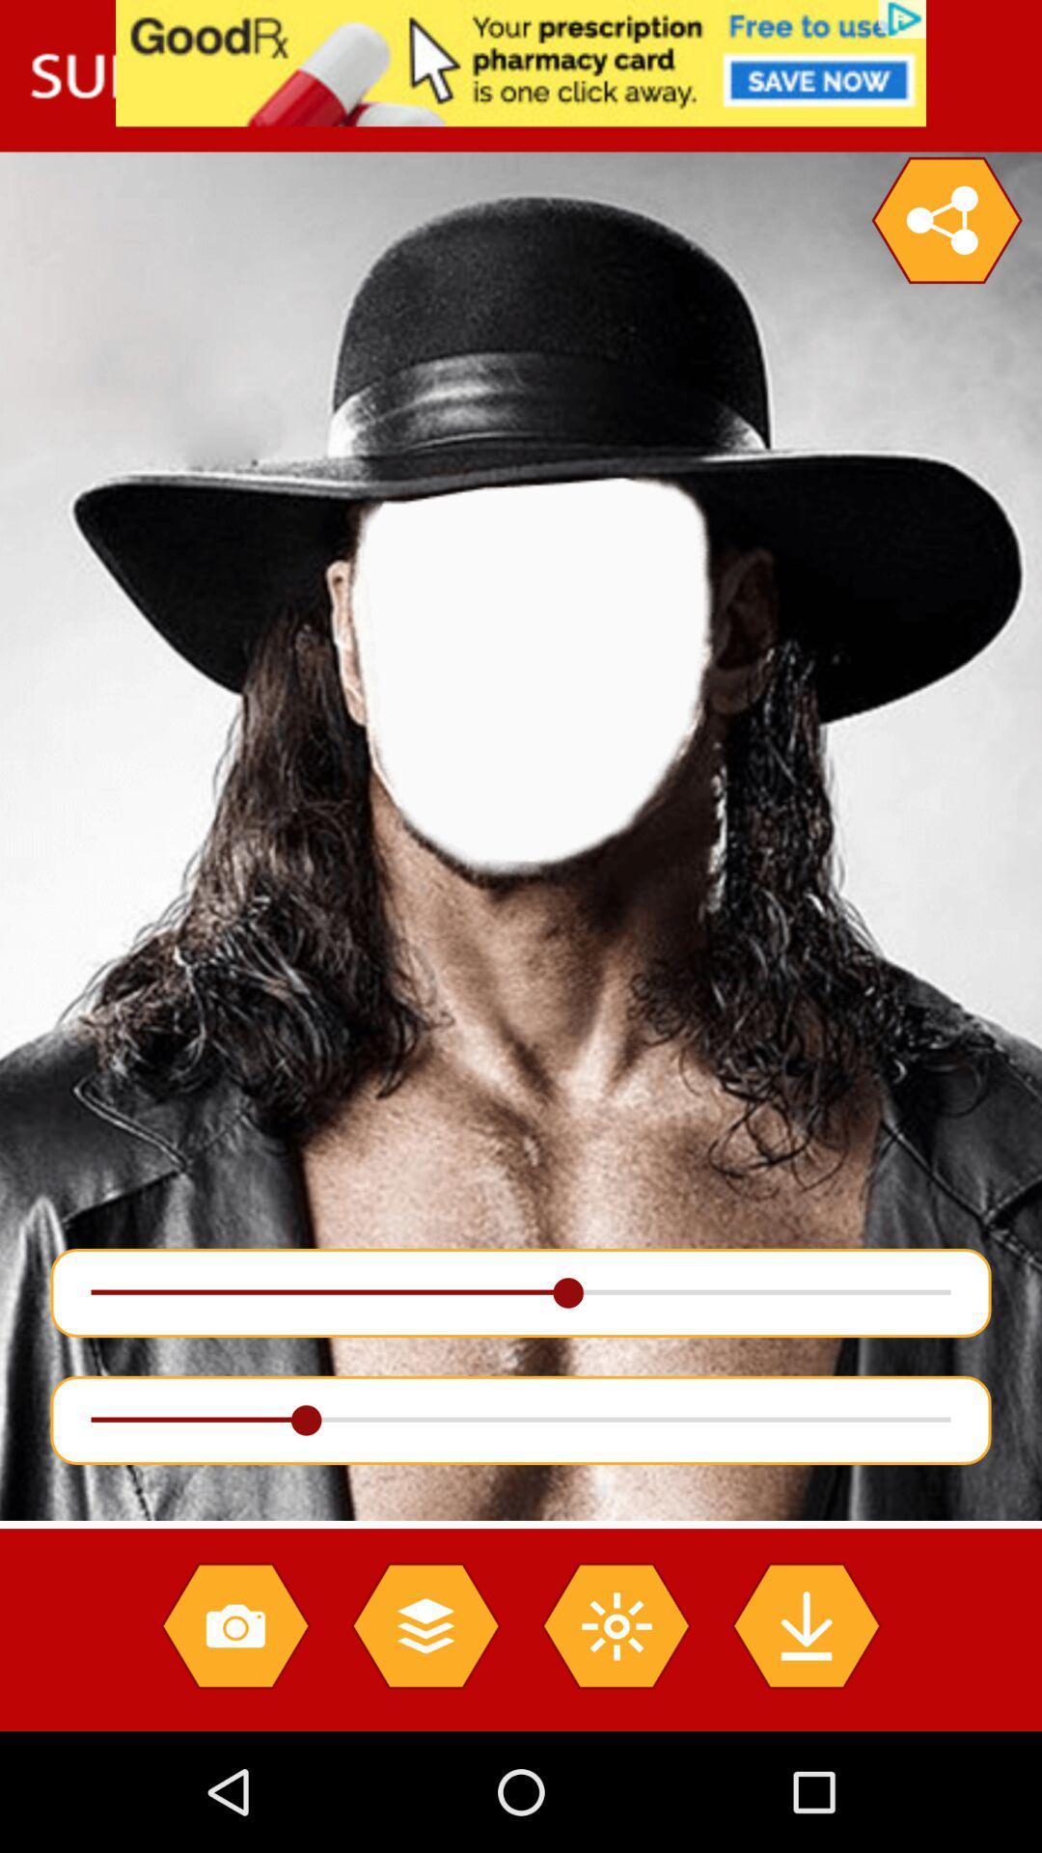 The image size is (1042, 1853). What do you see at coordinates (234, 1624) in the screenshot?
I see `take photo` at bounding box center [234, 1624].